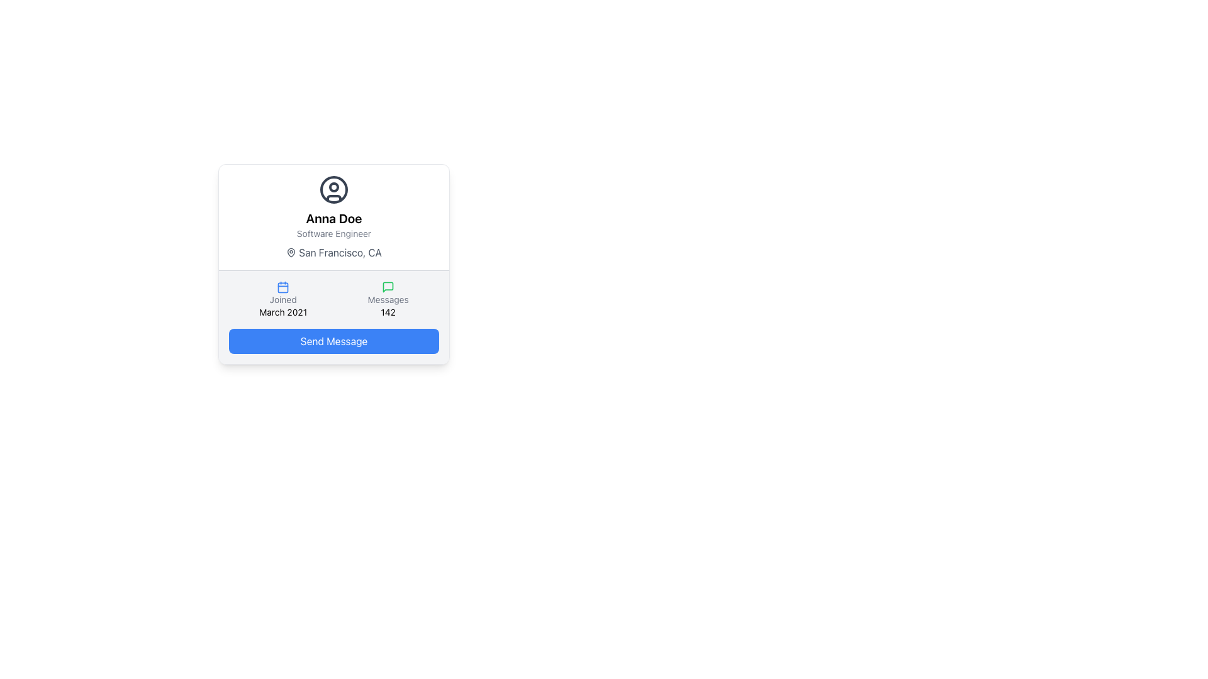 Image resolution: width=1208 pixels, height=679 pixels. I want to click on the static text element displaying 'Messages' in a smaller, gray font, which is positioned below an icon and above the number '142', so click(388, 300).